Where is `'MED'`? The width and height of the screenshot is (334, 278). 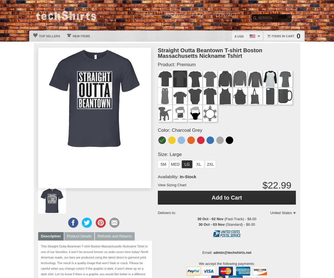 'MED' is located at coordinates (175, 164).